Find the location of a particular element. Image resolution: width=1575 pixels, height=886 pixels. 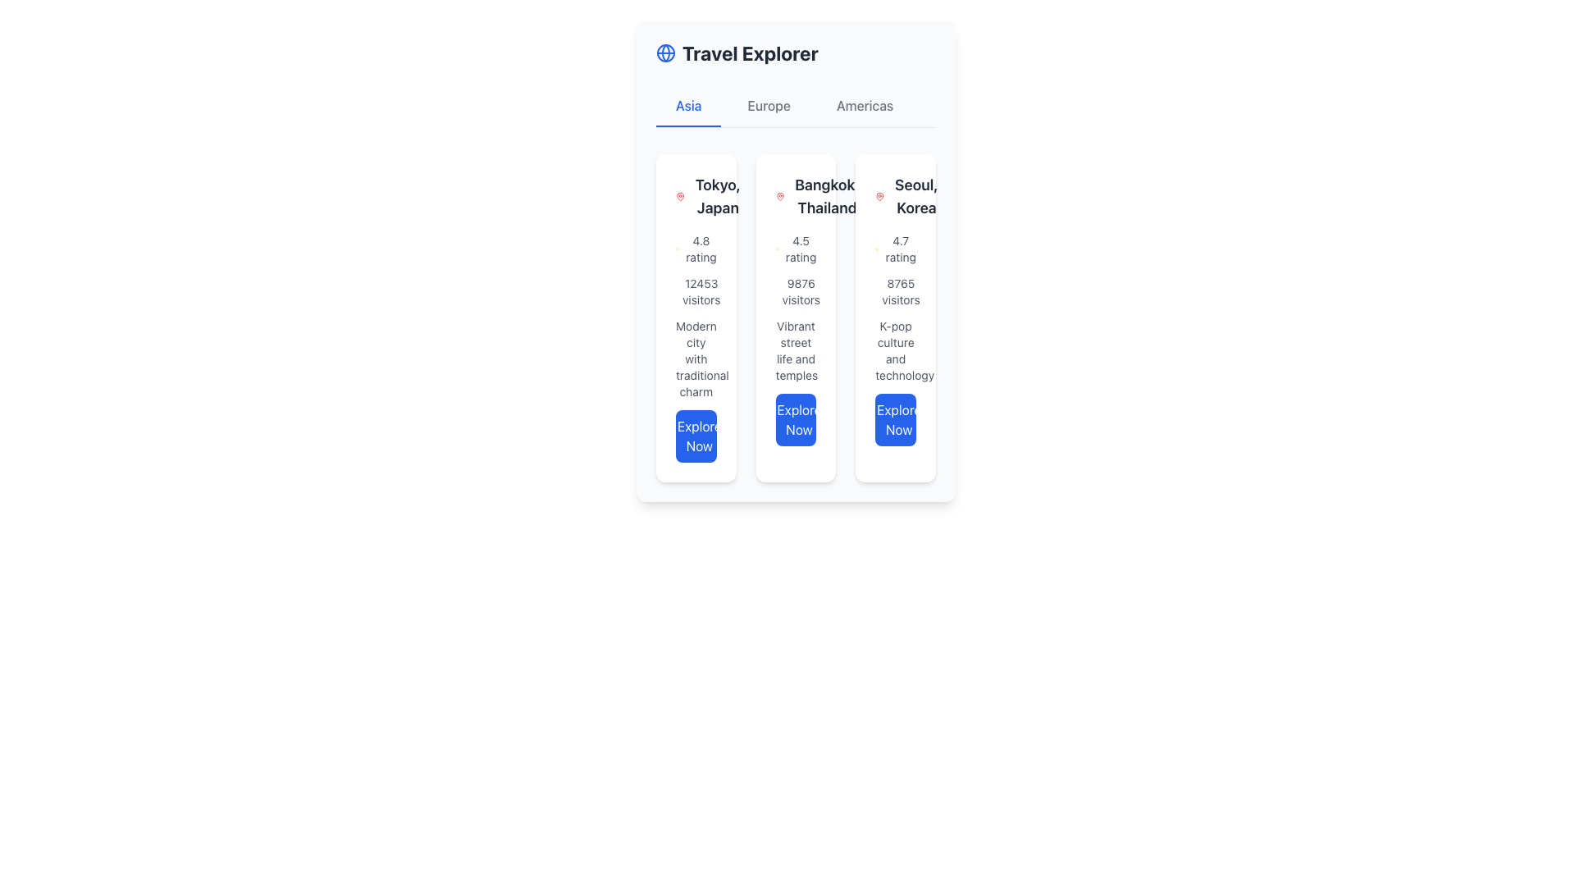

the descriptive text label that provides information about the Seoul, Korea section, positioned below the '8765 visitors' text and above the 'Explore Now' button is located at coordinates (895, 350).